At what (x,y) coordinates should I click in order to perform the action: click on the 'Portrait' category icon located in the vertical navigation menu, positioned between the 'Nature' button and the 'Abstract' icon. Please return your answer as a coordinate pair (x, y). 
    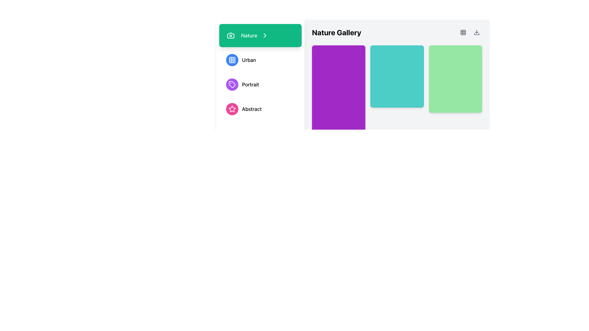
    Looking at the image, I should click on (232, 85).